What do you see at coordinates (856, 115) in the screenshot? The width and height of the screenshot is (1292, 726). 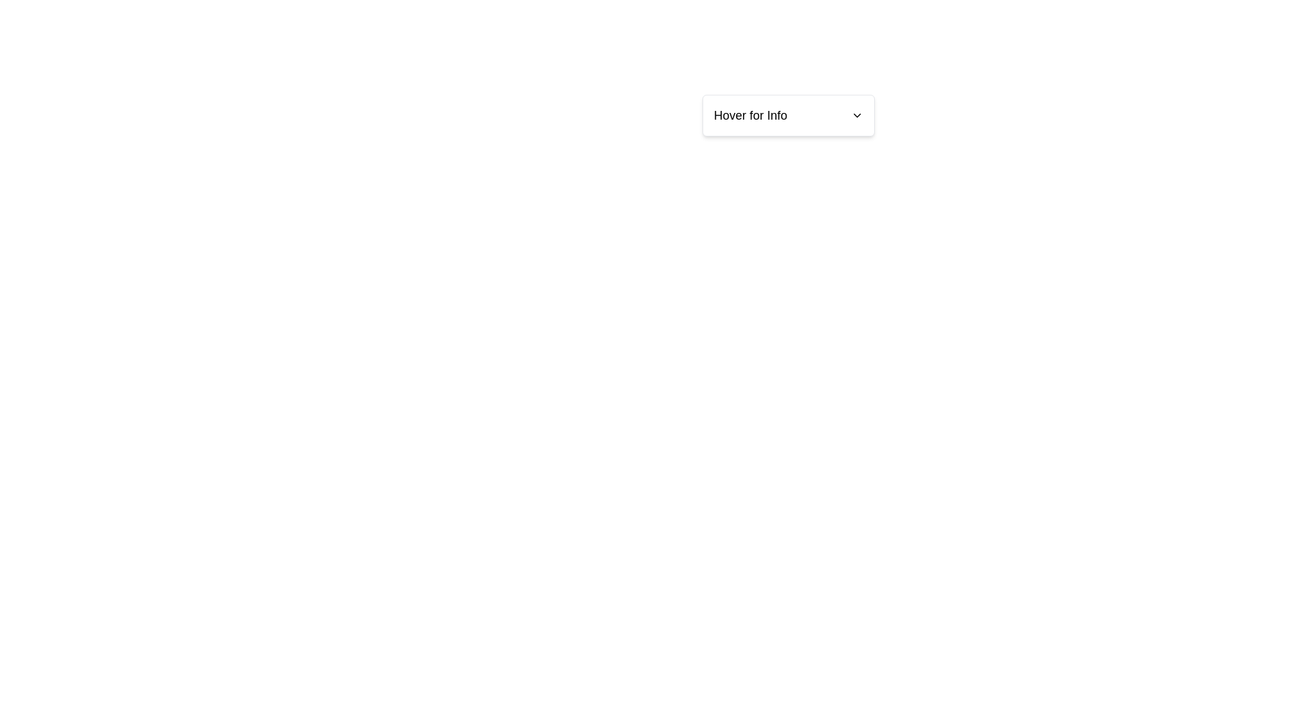 I see `the chevron indicator icon` at bounding box center [856, 115].